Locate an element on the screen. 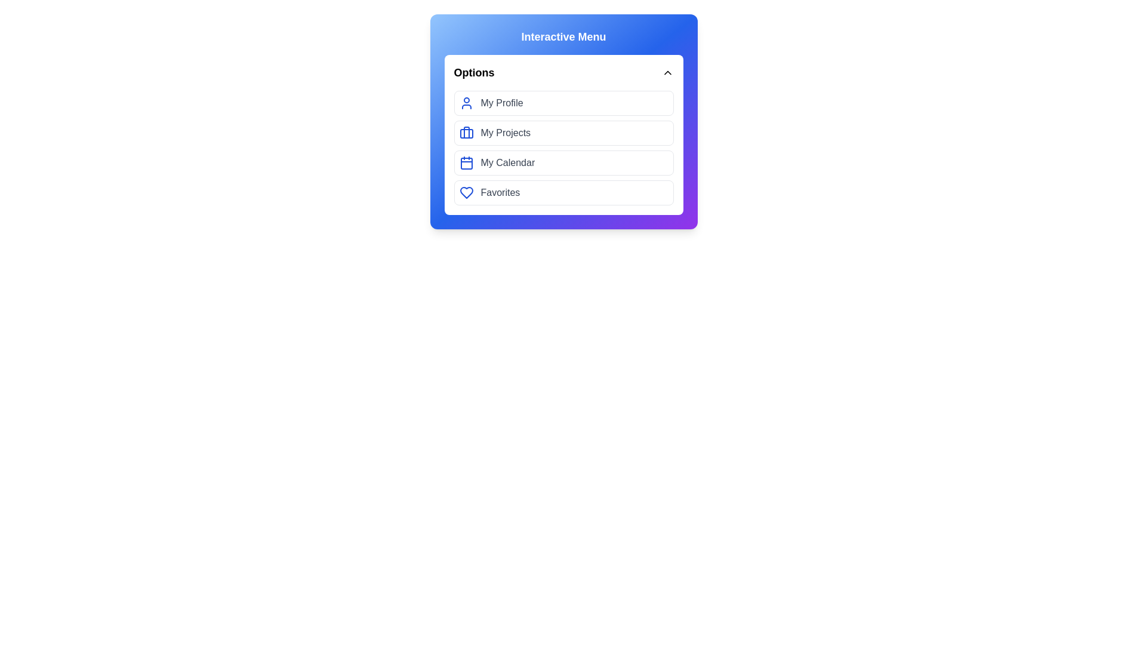 The height and width of the screenshot is (645, 1146). the 'My Projects' list item within the collapsible menu located below the 'Interactive Menu' title to bring up the context menu is located at coordinates (563, 122).